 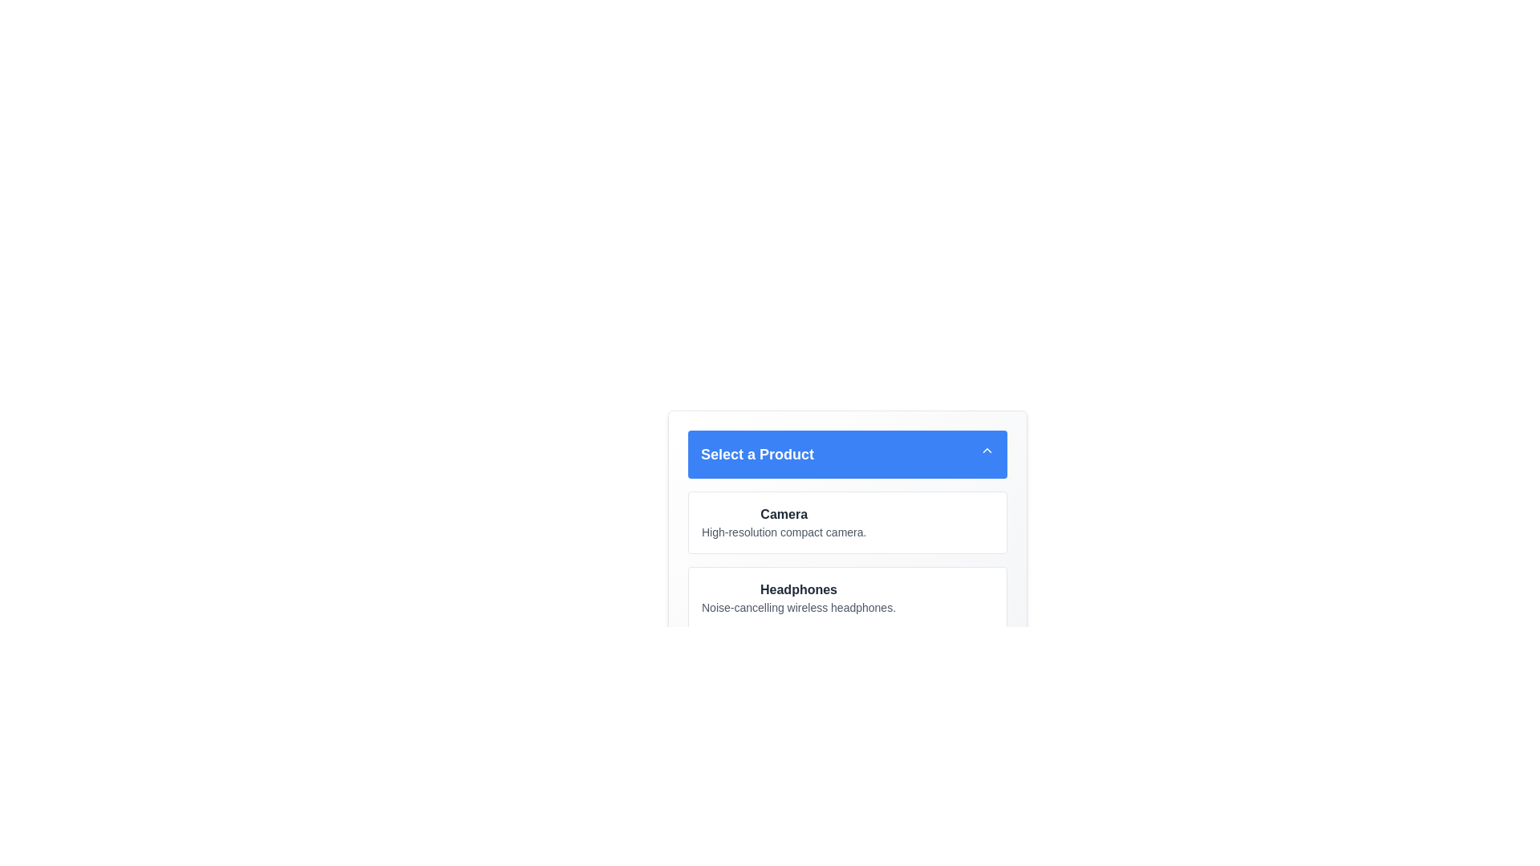 I want to click on the 'Camera' product option in the 'Select a Product' dropdown, which is the top item in the list above 'Headphones', so click(x=784, y=522).